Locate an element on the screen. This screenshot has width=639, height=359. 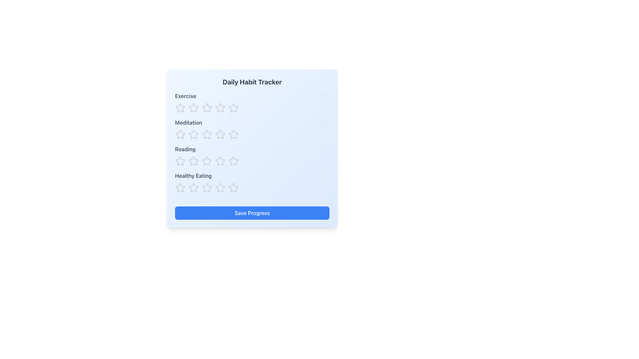
the first star icon in the rating system for the 'Exercise' category is located at coordinates (180, 107).